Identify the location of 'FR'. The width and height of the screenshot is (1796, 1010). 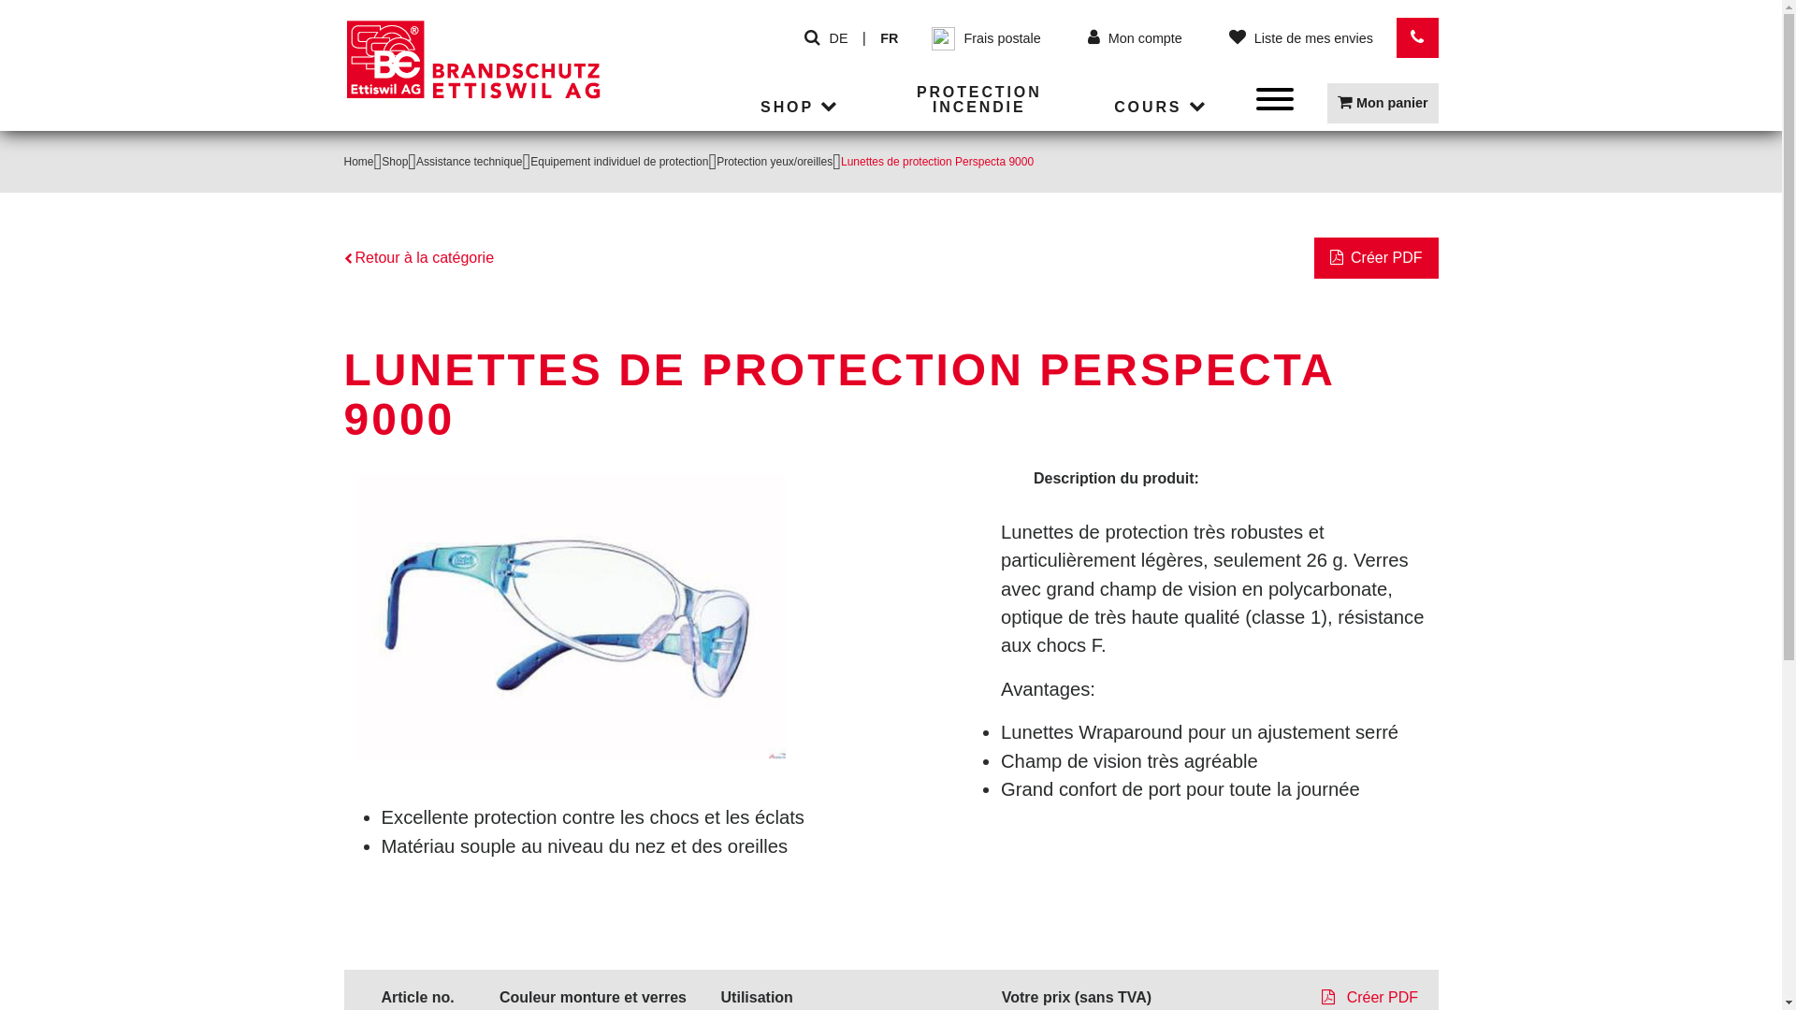
(888, 38).